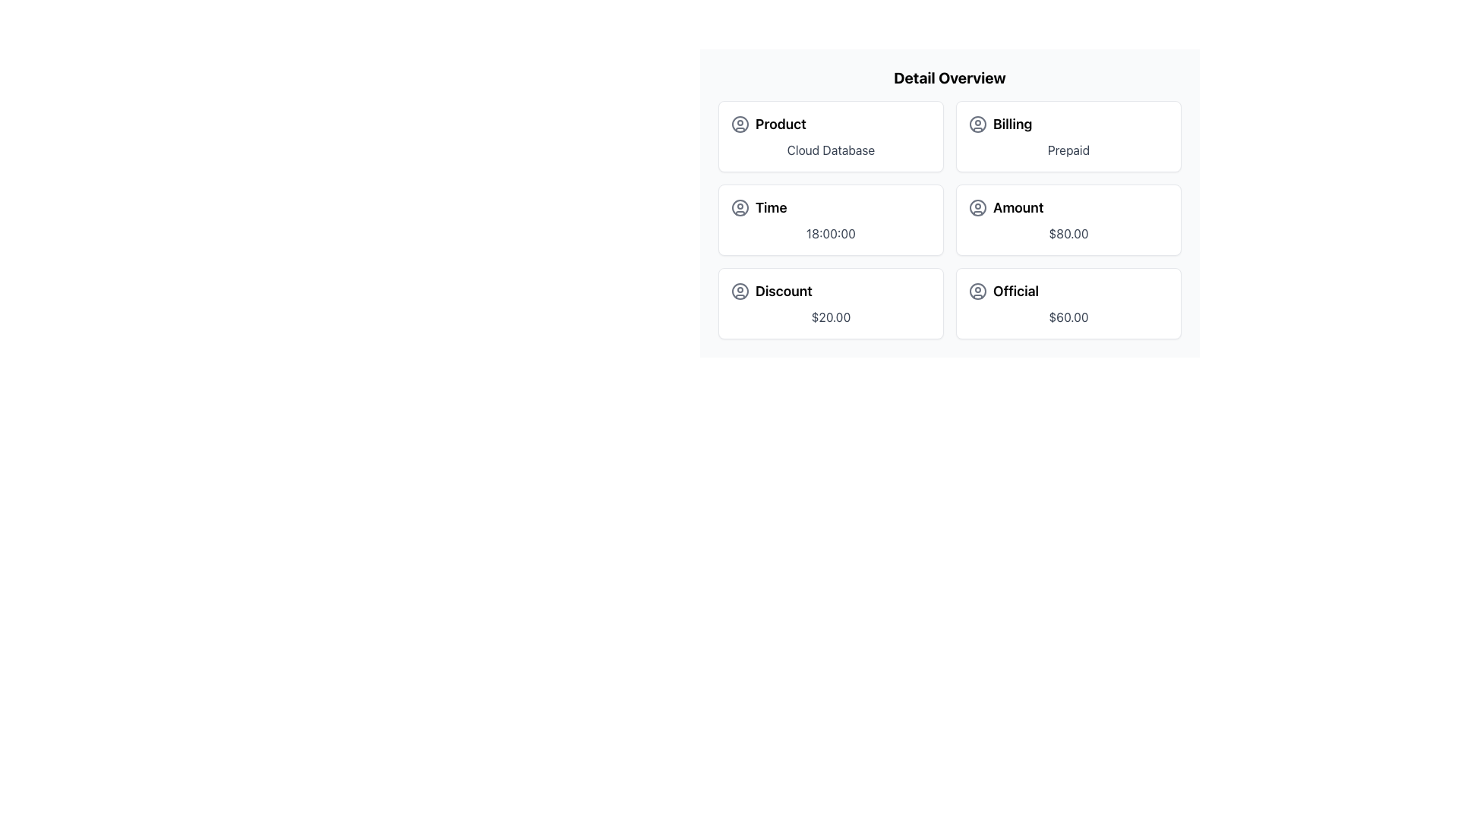  Describe the element at coordinates (1068, 234) in the screenshot. I see `the static text displaying '$80.00' in gray font, located at the bottom center of the 'Amount' card` at that location.